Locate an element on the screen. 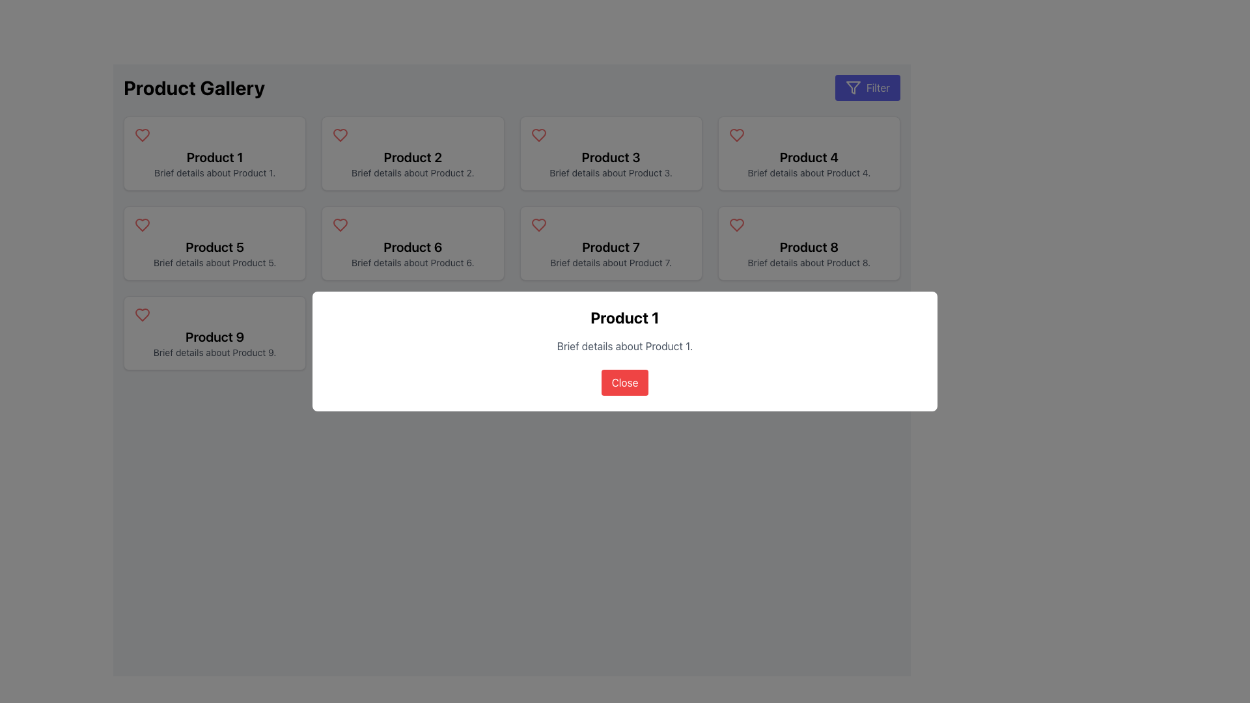 Image resolution: width=1250 pixels, height=703 pixels. the primary title of the product card, which is a static text element located in the middle-top area of the interface, positioned in the second position of the first row in a grid layout is located at coordinates (412, 157).